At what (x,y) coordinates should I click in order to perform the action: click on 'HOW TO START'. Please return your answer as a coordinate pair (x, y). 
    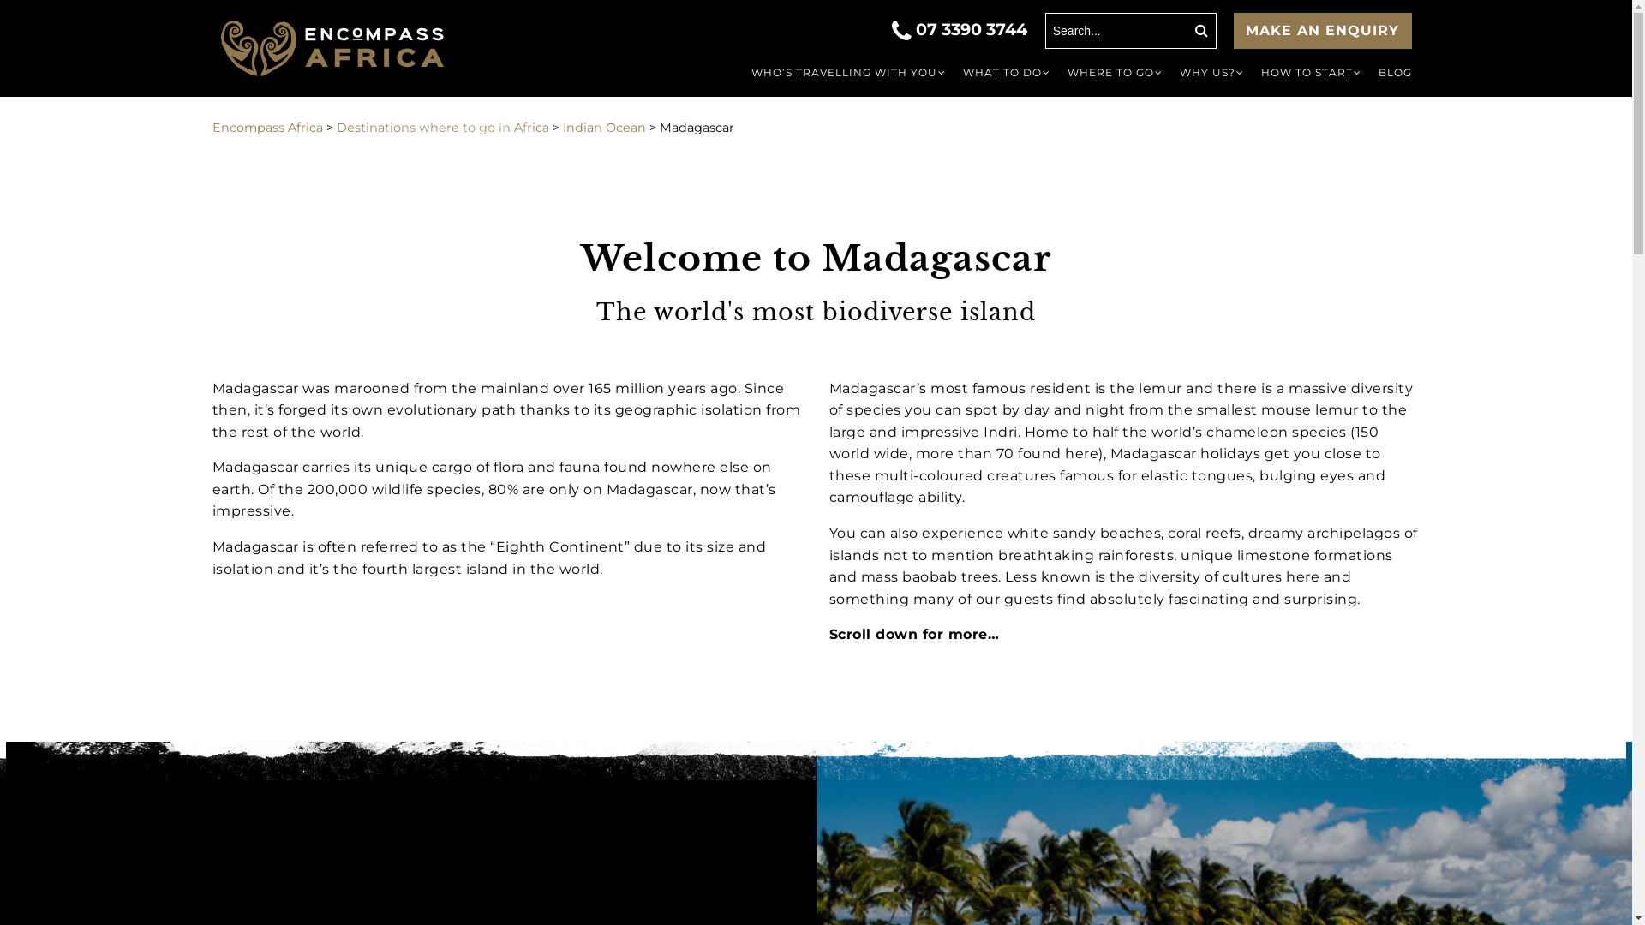
    Looking at the image, I should click on (1253, 71).